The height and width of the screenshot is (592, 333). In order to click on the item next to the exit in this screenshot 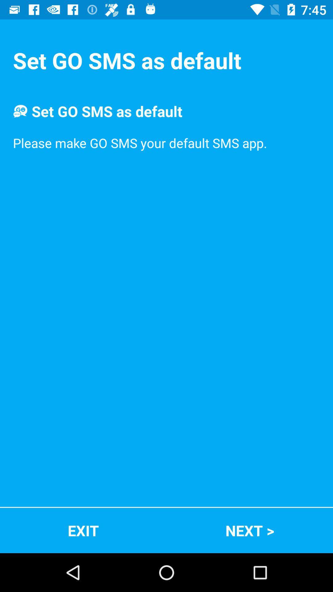, I will do `click(250, 530)`.